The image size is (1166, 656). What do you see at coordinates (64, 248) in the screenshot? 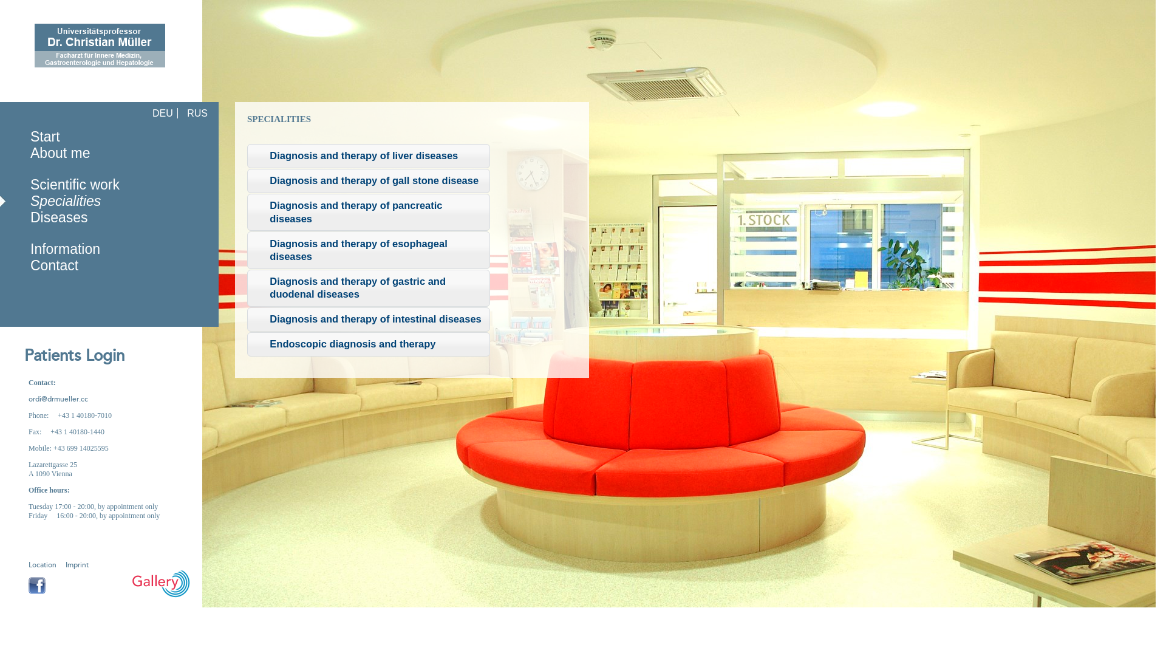
I see `'Information'` at bounding box center [64, 248].